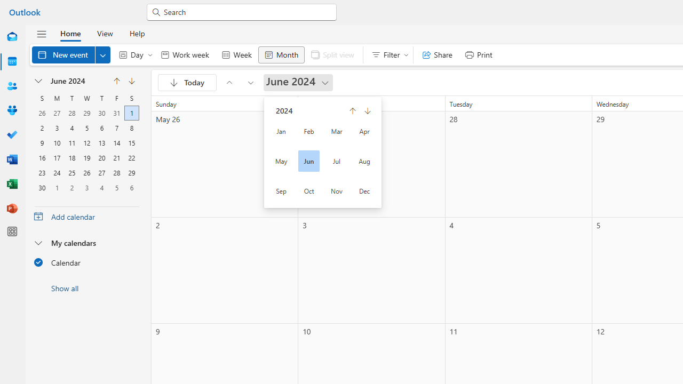 This screenshot has height=384, width=683. I want to click on 'Friday', so click(116, 98).